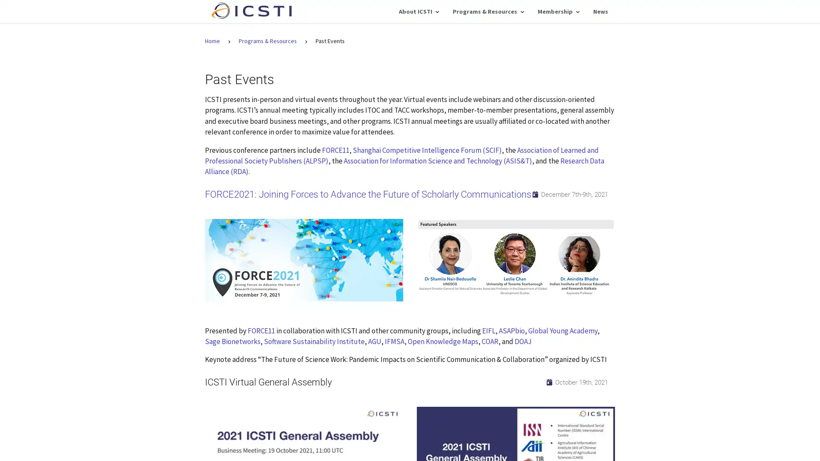  Describe the element at coordinates (558, 12) in the screenshot. I see `Membership` at that location.